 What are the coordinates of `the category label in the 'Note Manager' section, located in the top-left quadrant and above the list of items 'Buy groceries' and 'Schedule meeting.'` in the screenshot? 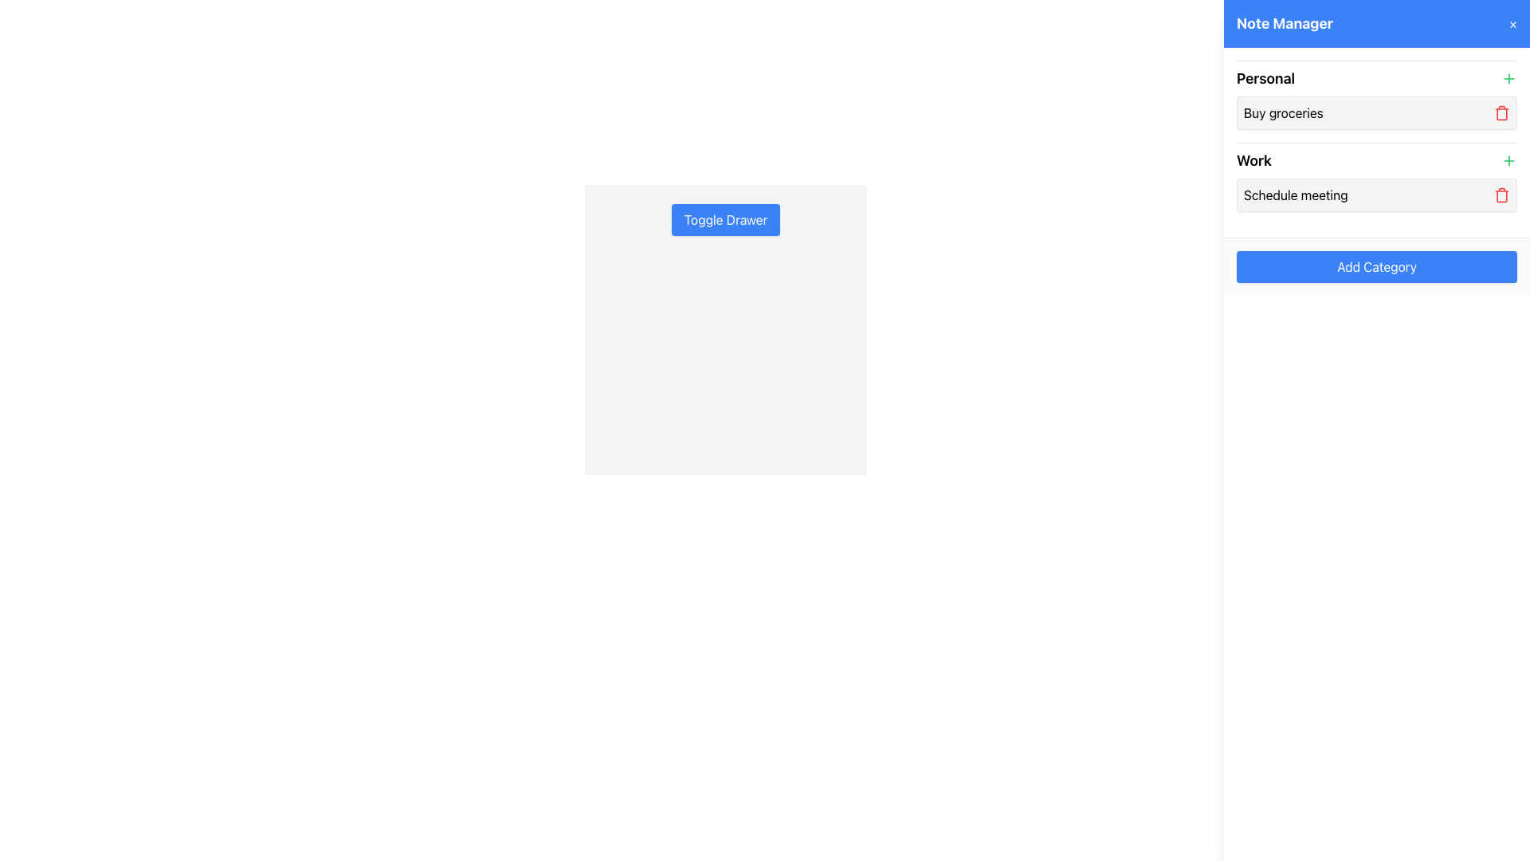 It's located at (1265, 79).